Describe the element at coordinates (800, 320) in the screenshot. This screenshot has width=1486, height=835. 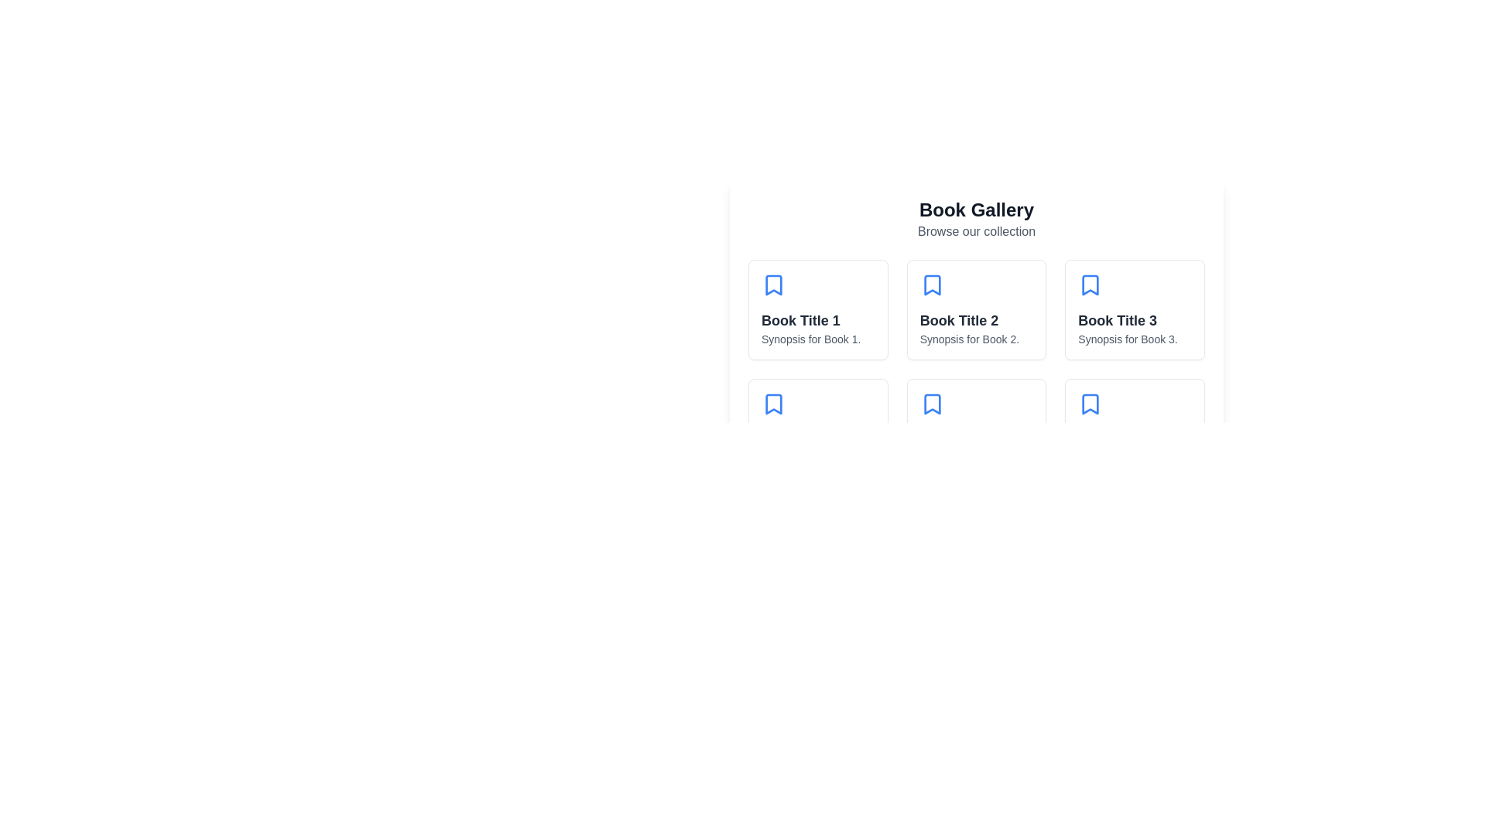
I see `the text label that serves as the title for the book in the first card of the grid layout` at that location.